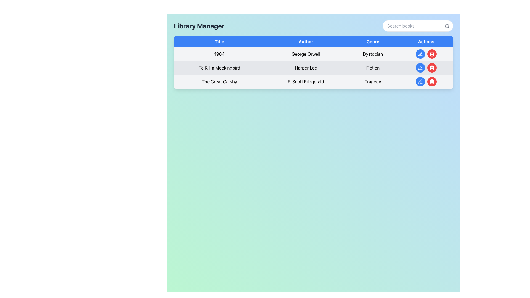  Describe the element at coordinates (219, 41) in the screenshot. I see `the Table Header element labeled 'Title', which has a blue background and white center-aligned text, located in the top-left section of the table` at that location.